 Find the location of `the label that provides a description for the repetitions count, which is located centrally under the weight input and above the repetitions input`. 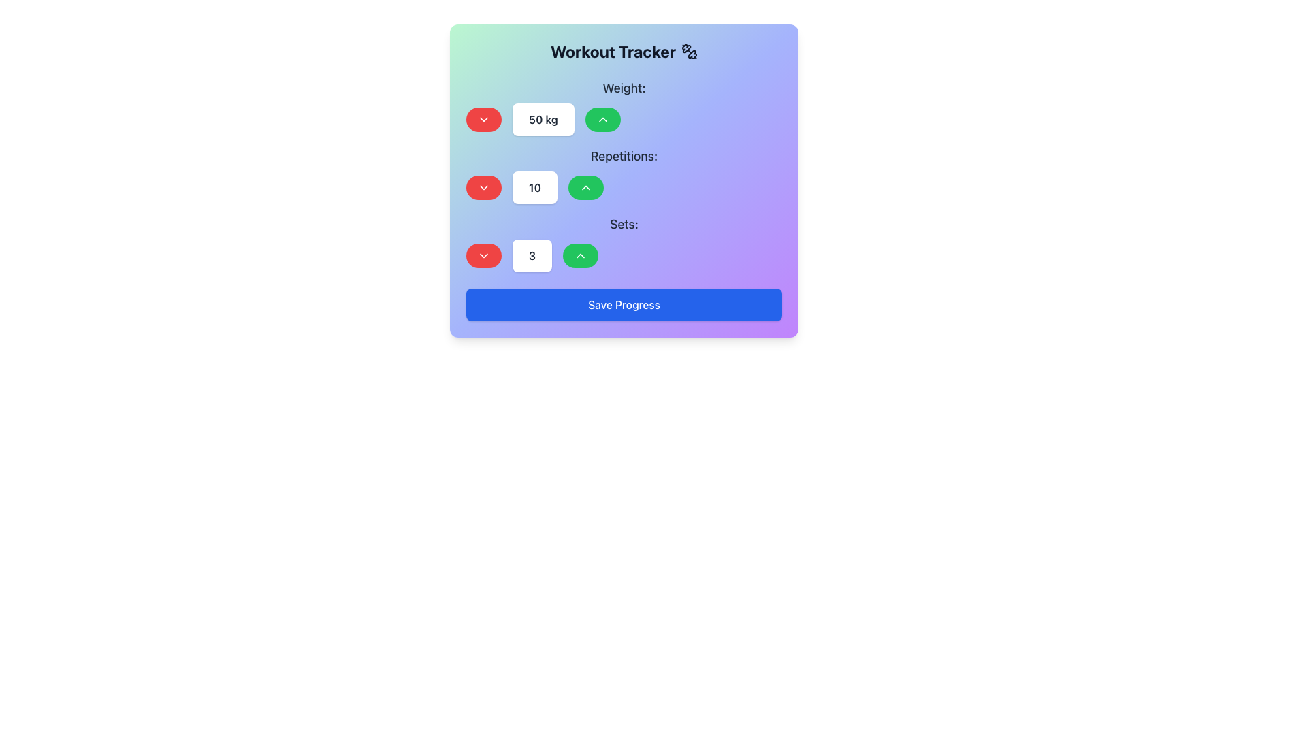

the label that provides a description for the repetitions count, which is located centrally under the weight input and above the repetitions input is located at coordinates (623, 156).